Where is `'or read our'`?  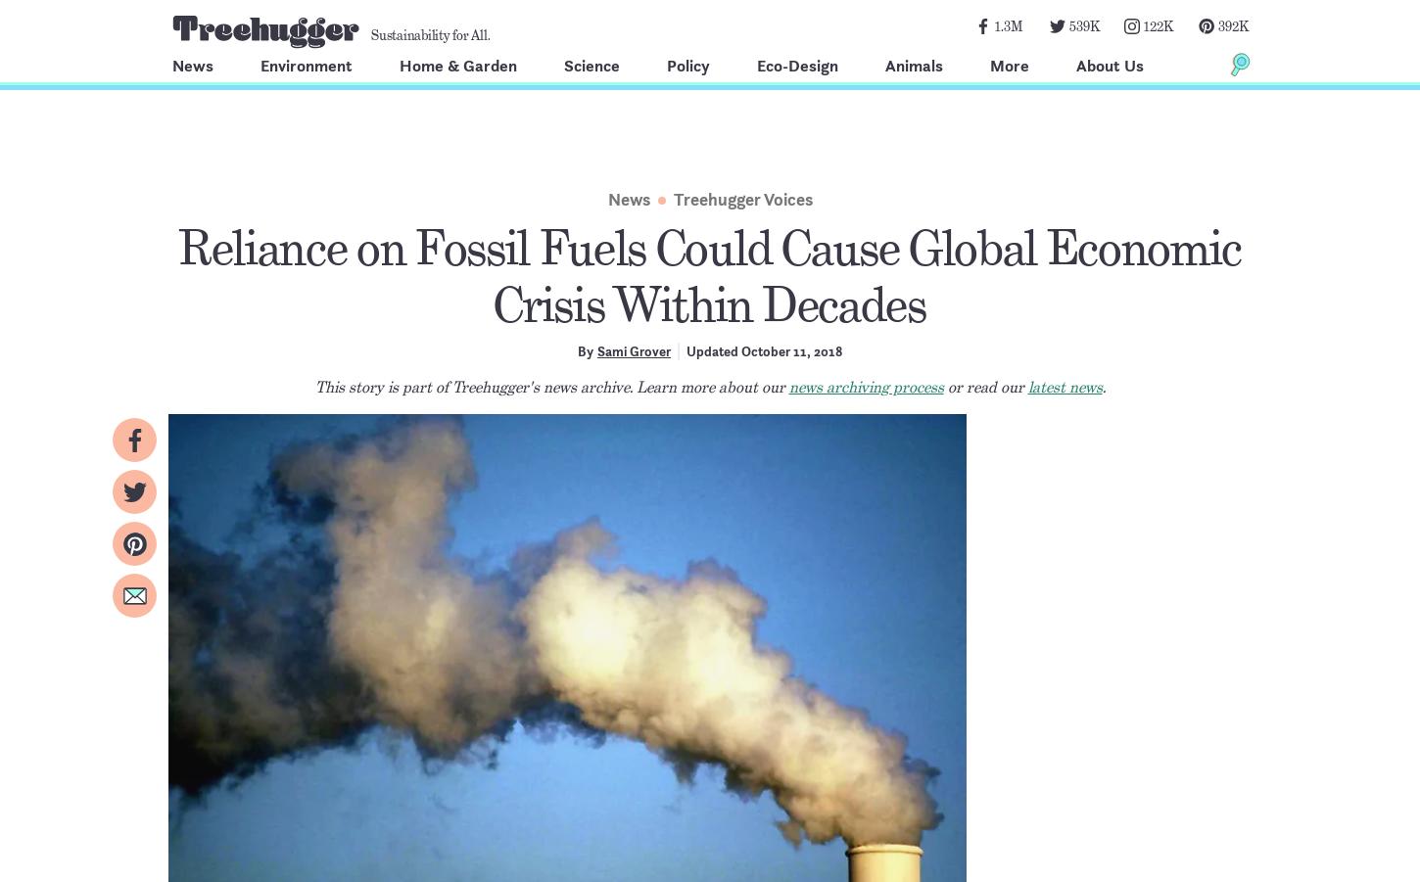
'or read our' is located at coordinates (941, 386).